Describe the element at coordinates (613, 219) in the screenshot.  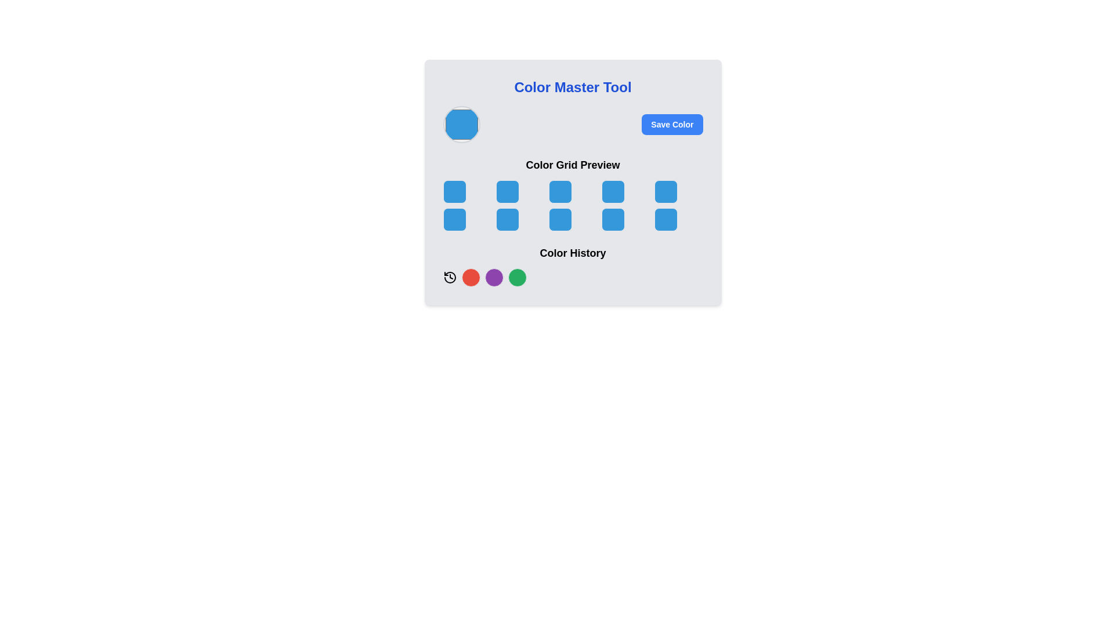
I see `the small, square-shaped button with rounded corners and a bright blue color located in the fourth position of the second row of the Color Grid Preview section` at that location.